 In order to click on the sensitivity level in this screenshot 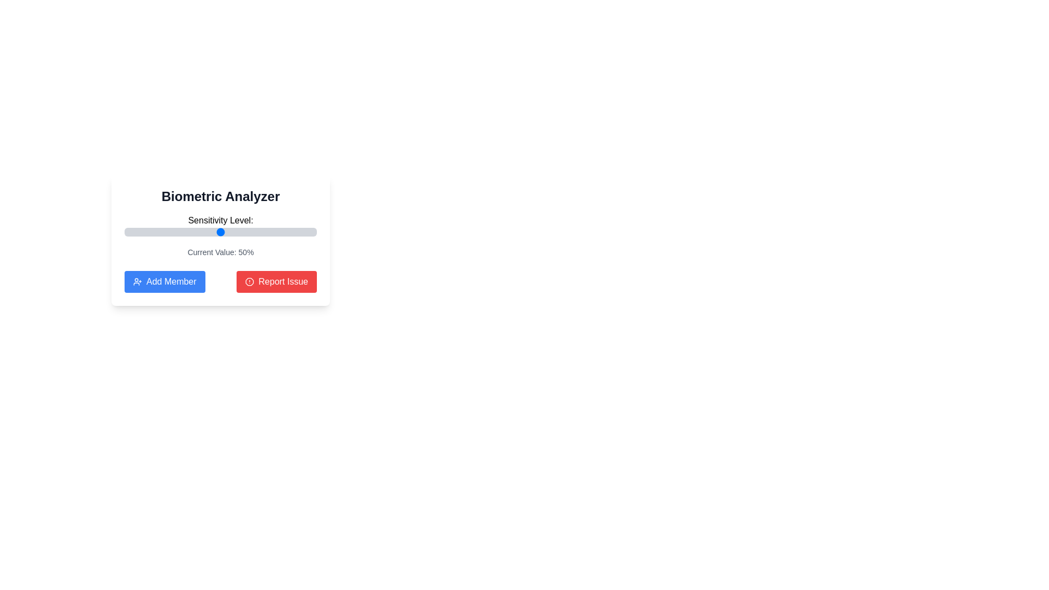, I will do `click(141, 231)`.